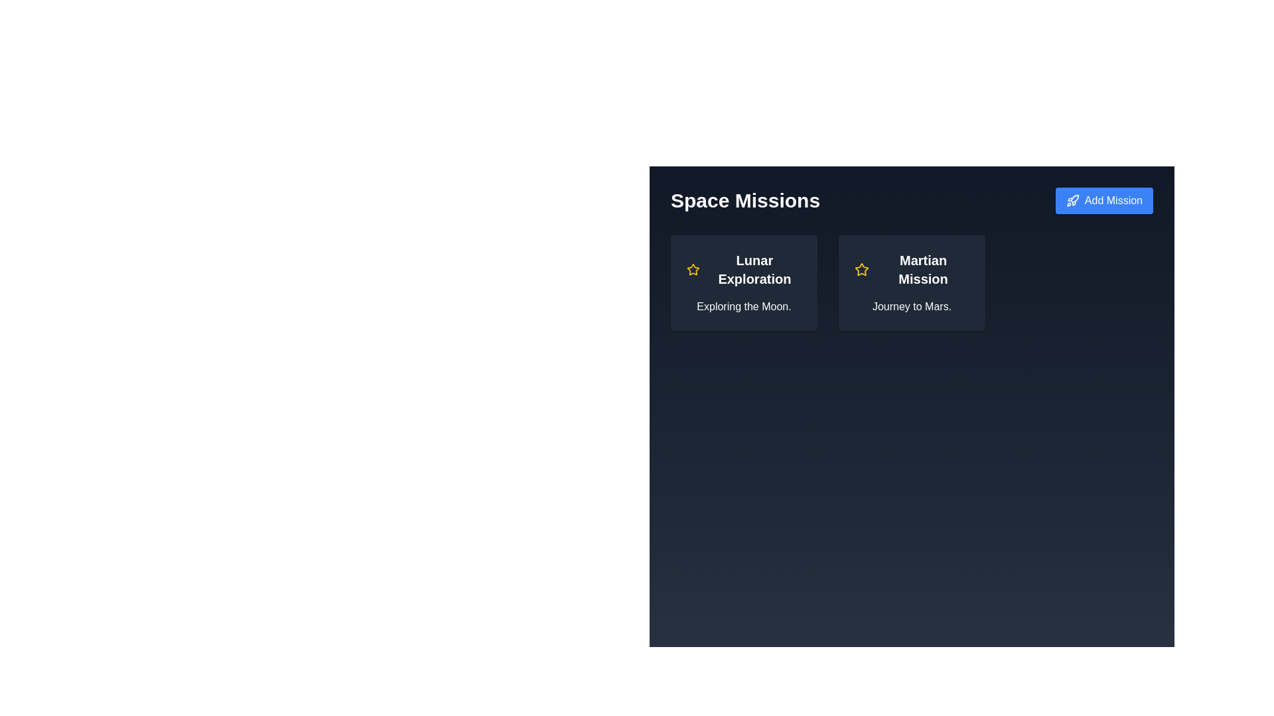 Image resolution: width=1274 pixels, height=716 pixels. I want to click on the status indicator icon, so click(692, 269).